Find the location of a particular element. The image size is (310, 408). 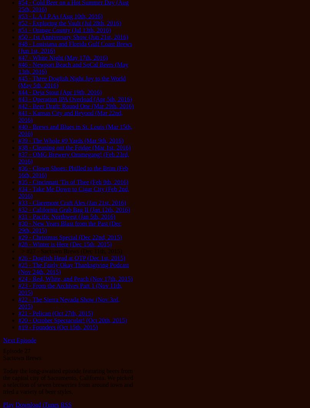

'iTunes' is located at coordinates (50, 404).